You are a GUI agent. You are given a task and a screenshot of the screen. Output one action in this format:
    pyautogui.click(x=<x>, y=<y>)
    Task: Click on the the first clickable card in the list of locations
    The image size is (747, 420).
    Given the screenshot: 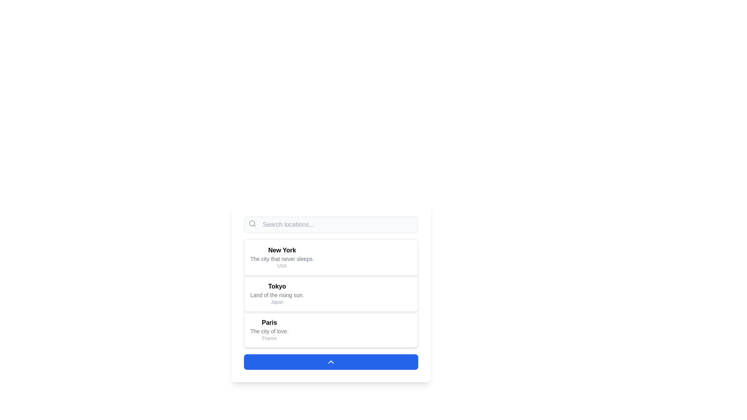 What is the action you would take?
    pyautogui.click(x=331, y=257)
    